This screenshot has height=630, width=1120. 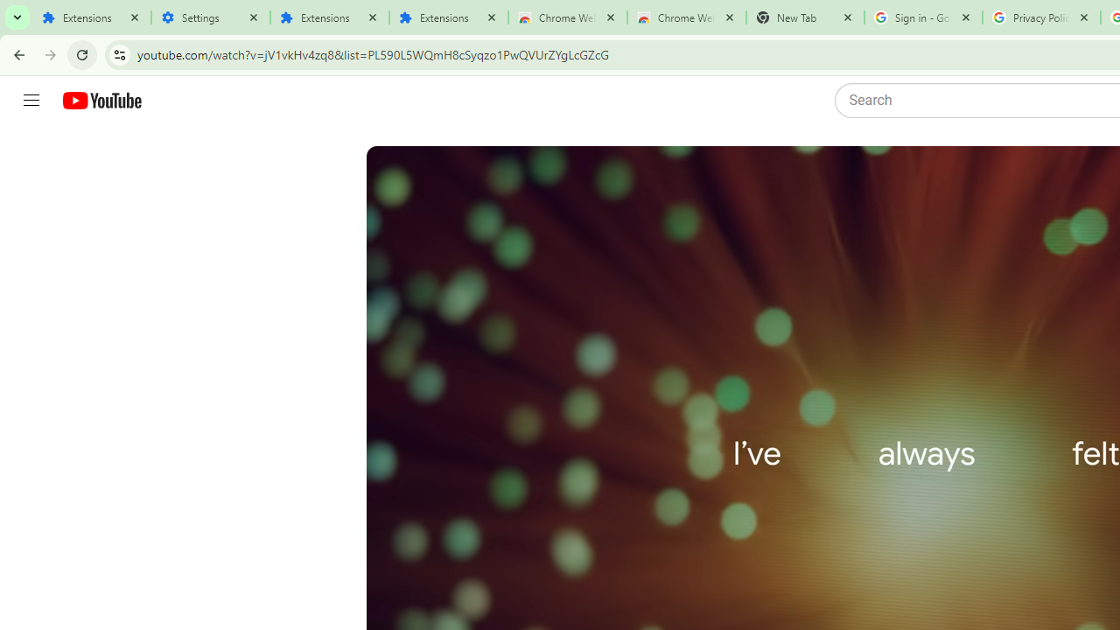 What do you see at coordinates (567, 17) in the screenshot?
I see `'Chrome Web Store'` at bounding box center [567, 17].